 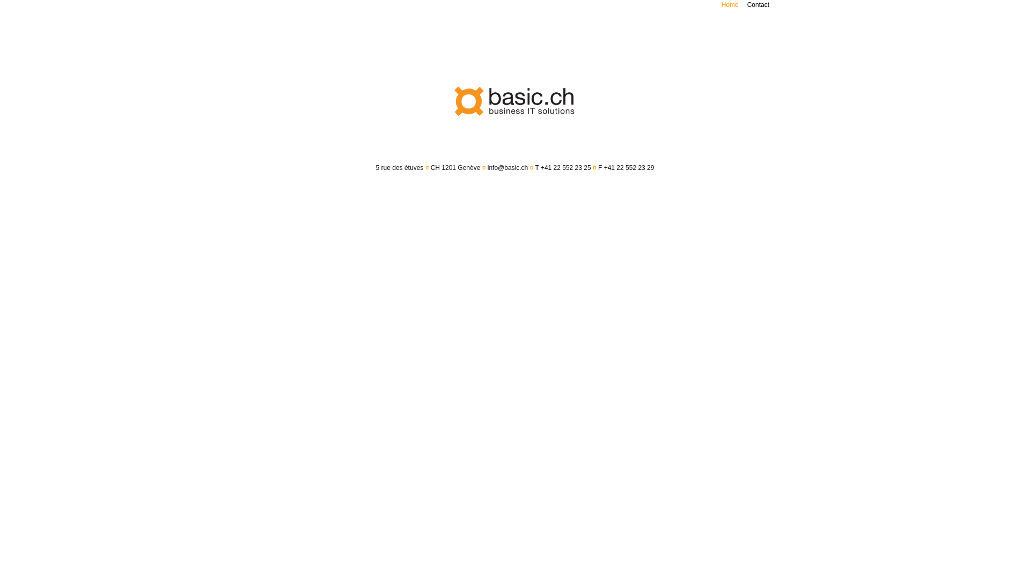 What do you see at coordinates (730, 4) in the screenshot?
I see `'Home'` at bounding box center [730, 4].